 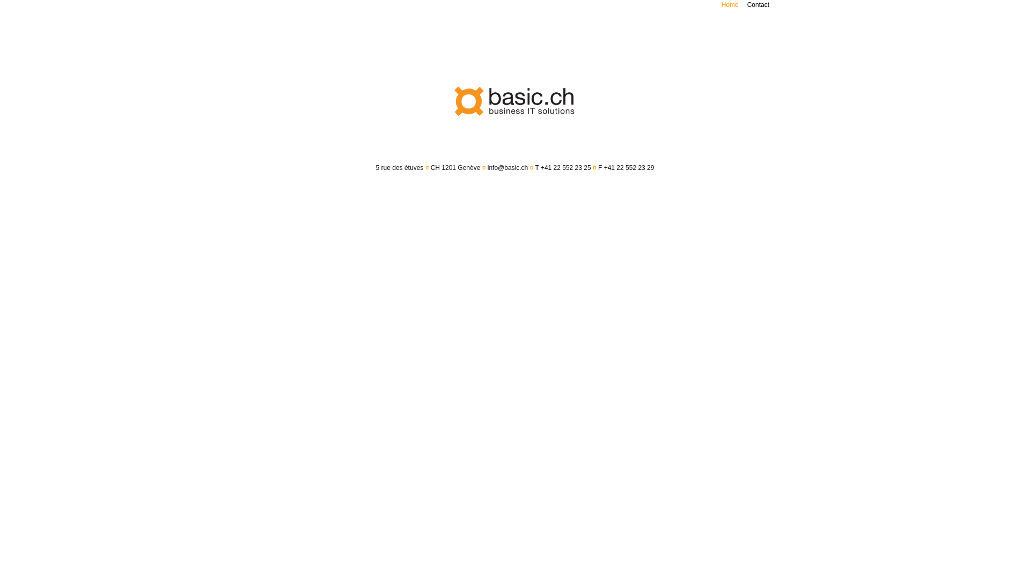 What do you see at coordinates (730, 4) in the screenshot?
I see `'Home'` at bounding box center [730, 4].